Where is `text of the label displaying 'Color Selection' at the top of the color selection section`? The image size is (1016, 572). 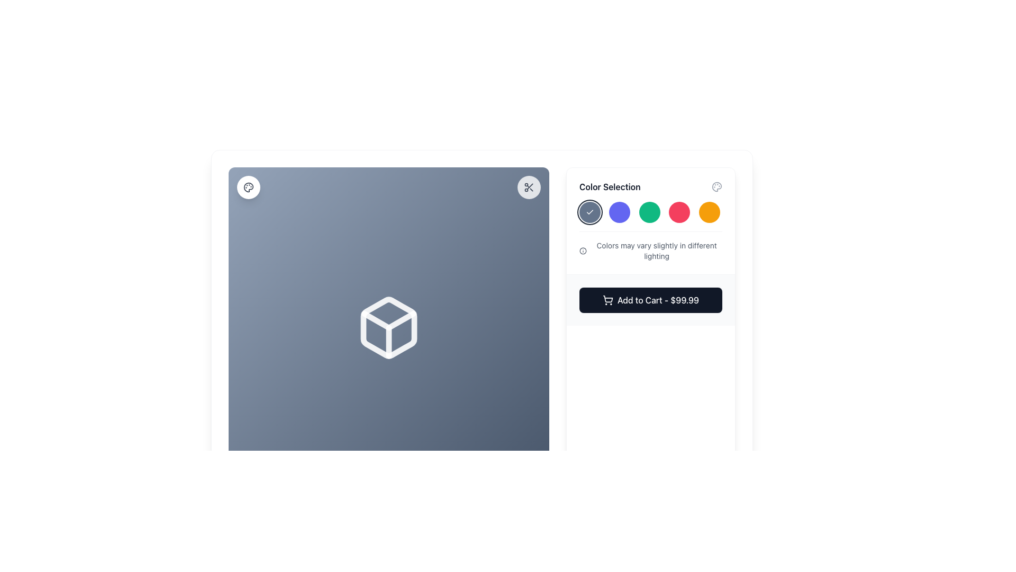
text of the label displaying 'Color Selection' at the top of the color selection section is located at coordinates (610, 186).